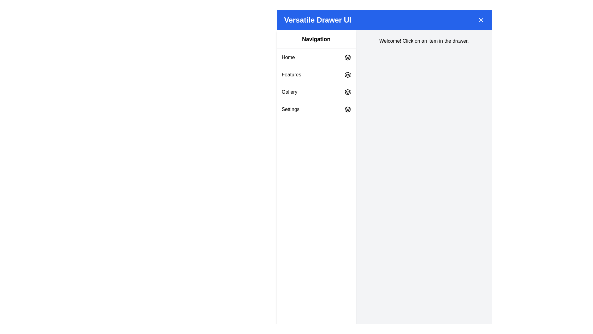 The image size is (593, 334). What do you see at coordinates (316, 75) in the screenshot?
I see `the second navigation menu item labeled 'Features'` at bounding box center [316, 75].